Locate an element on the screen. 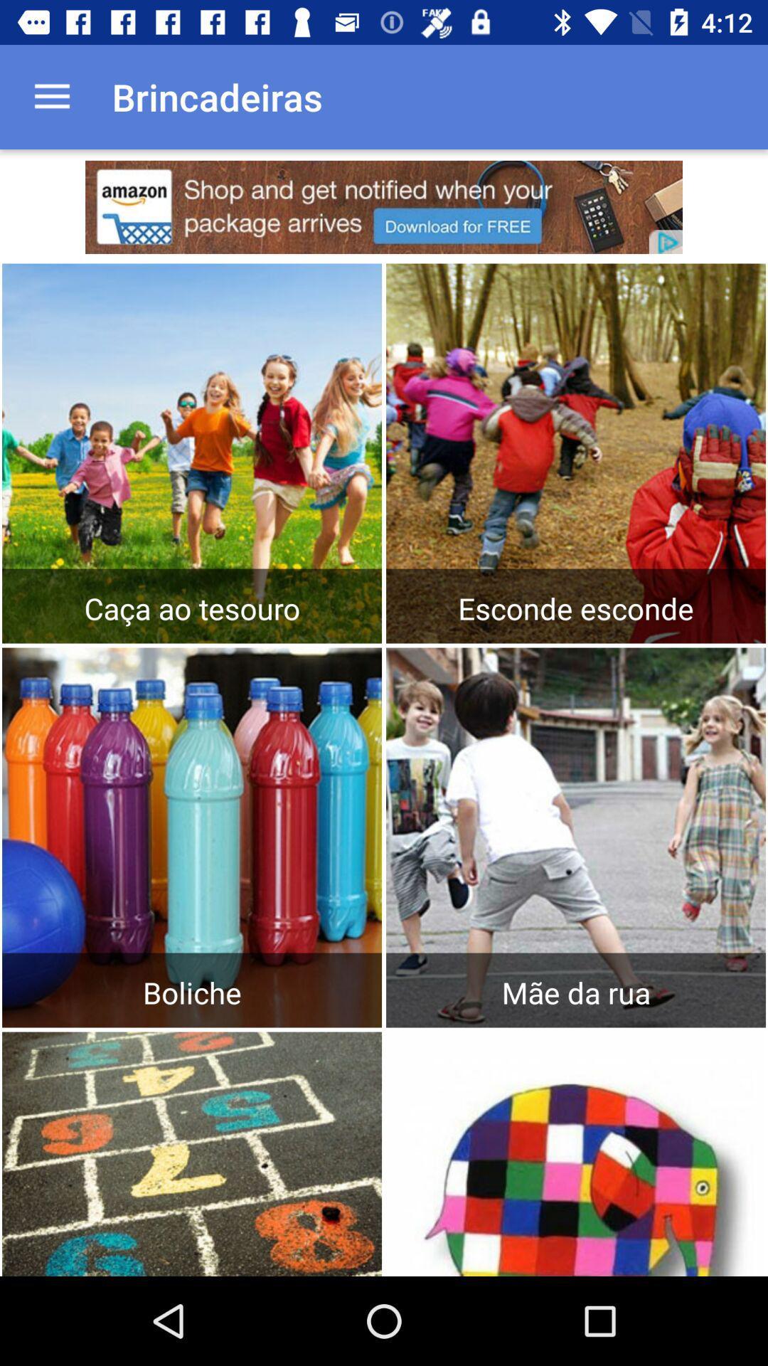 The height and width of the screenshot is (1366, 768). advertisement link to different site is located at coordinates (384, 206).